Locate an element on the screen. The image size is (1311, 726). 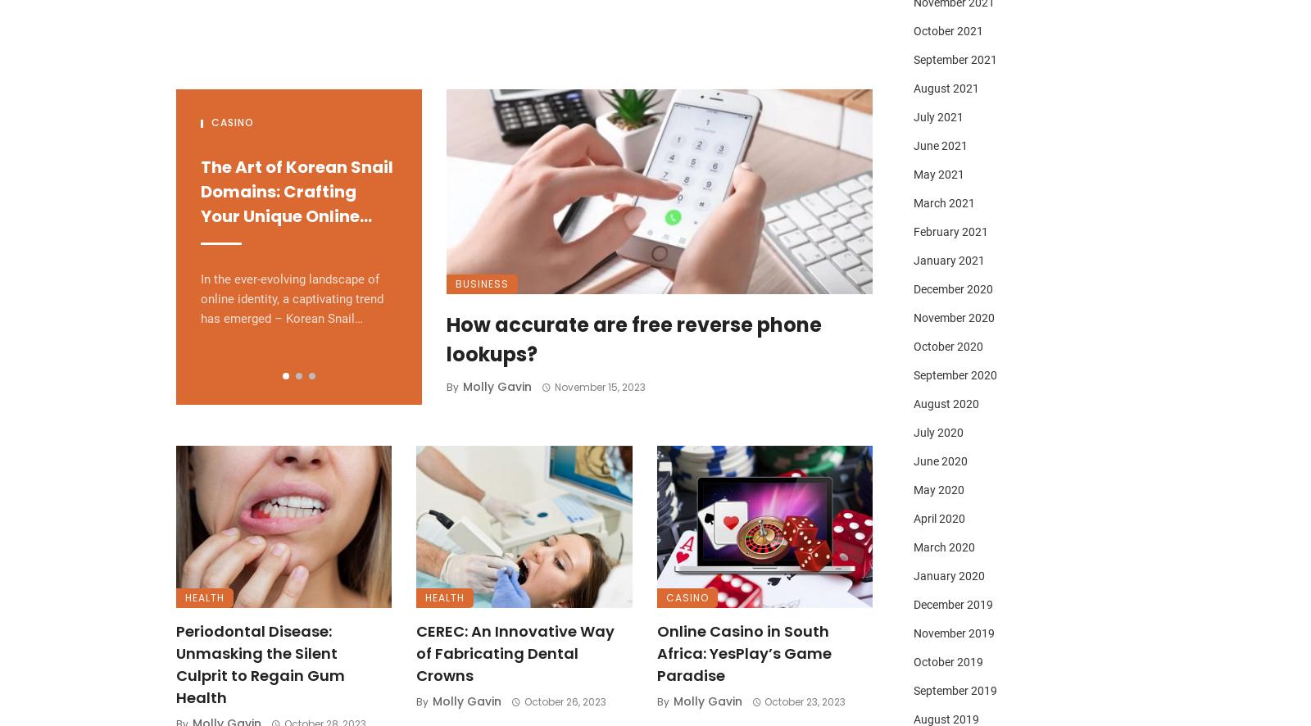
'June 2020' is located at coordinates (941, 461).